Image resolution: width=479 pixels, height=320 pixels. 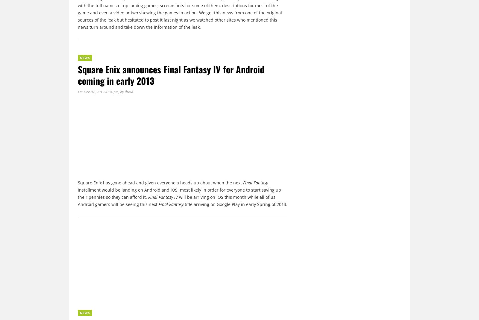 I want to click on 'droid', so click(x=124, y=91).